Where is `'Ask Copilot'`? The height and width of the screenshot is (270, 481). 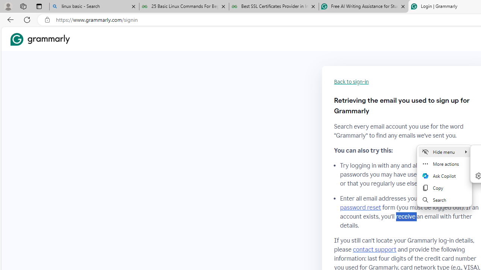
'Ask Copilot' is located at coordinates (444, 176).